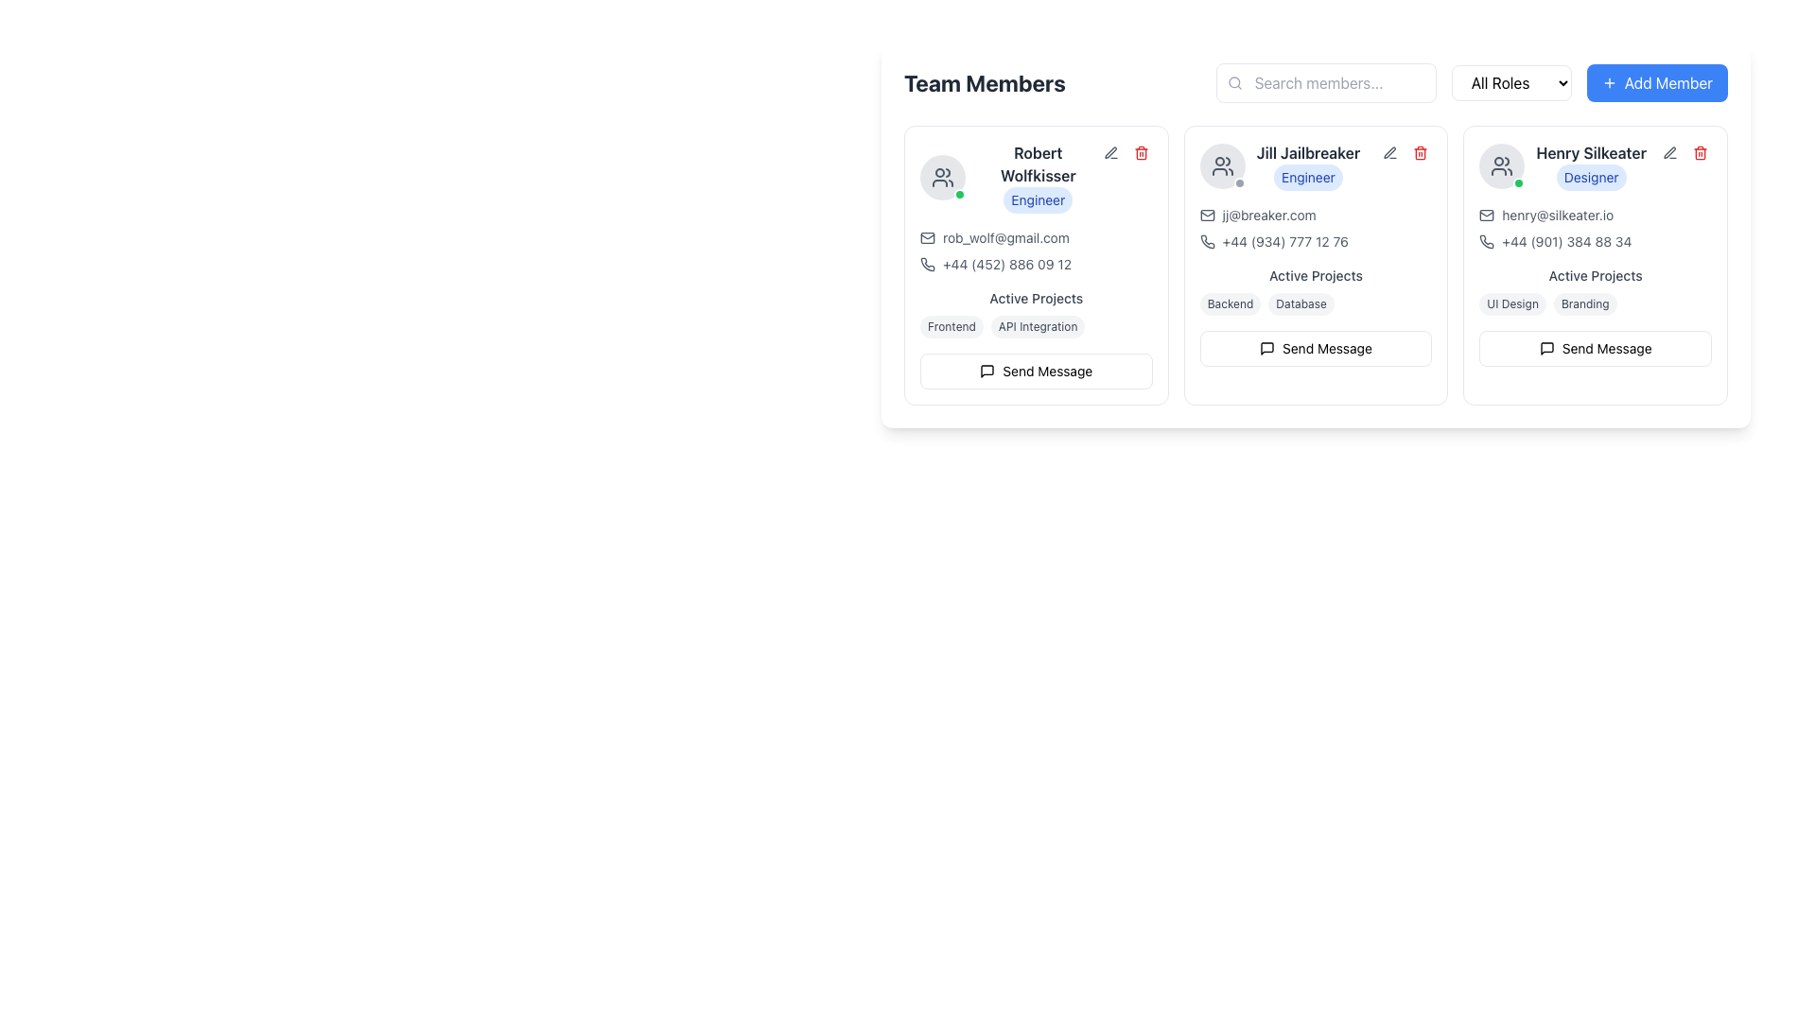 The height and width of the screenshot is (1021, 1816). Describe the element at coordinates (1595, 303) in the screenshot. I see `the Label group containing 'UI Design' and 'Branding' text items, located at the bottom-right of Henry Silkeater's Active Projects card` at that location.